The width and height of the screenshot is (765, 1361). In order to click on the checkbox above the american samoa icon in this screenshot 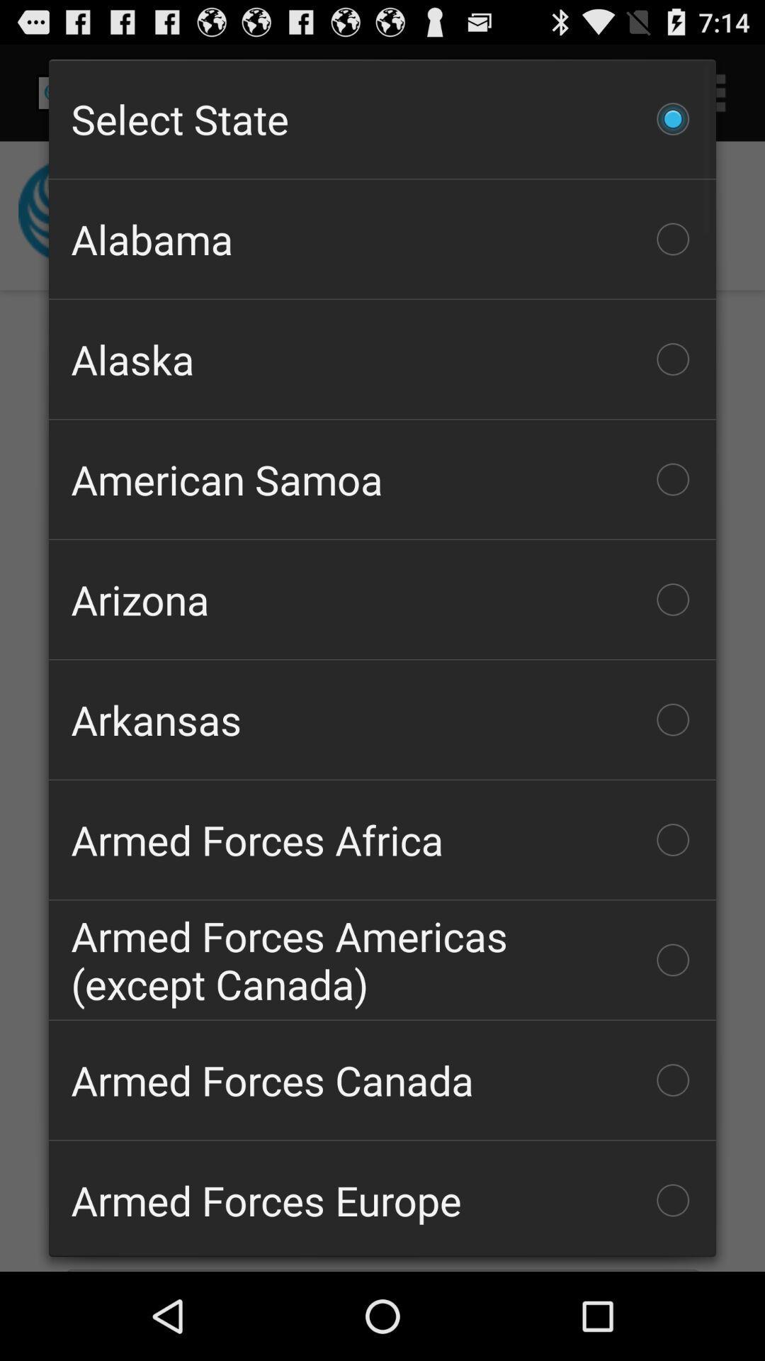, I will do `click(382, 359)`.